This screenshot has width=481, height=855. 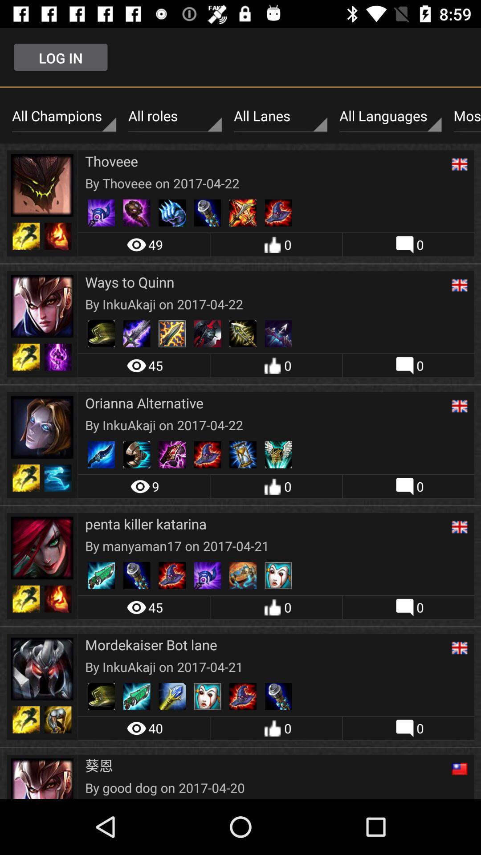 I want to click on the icon to the right of all languages item, so click(x=465, y=116).